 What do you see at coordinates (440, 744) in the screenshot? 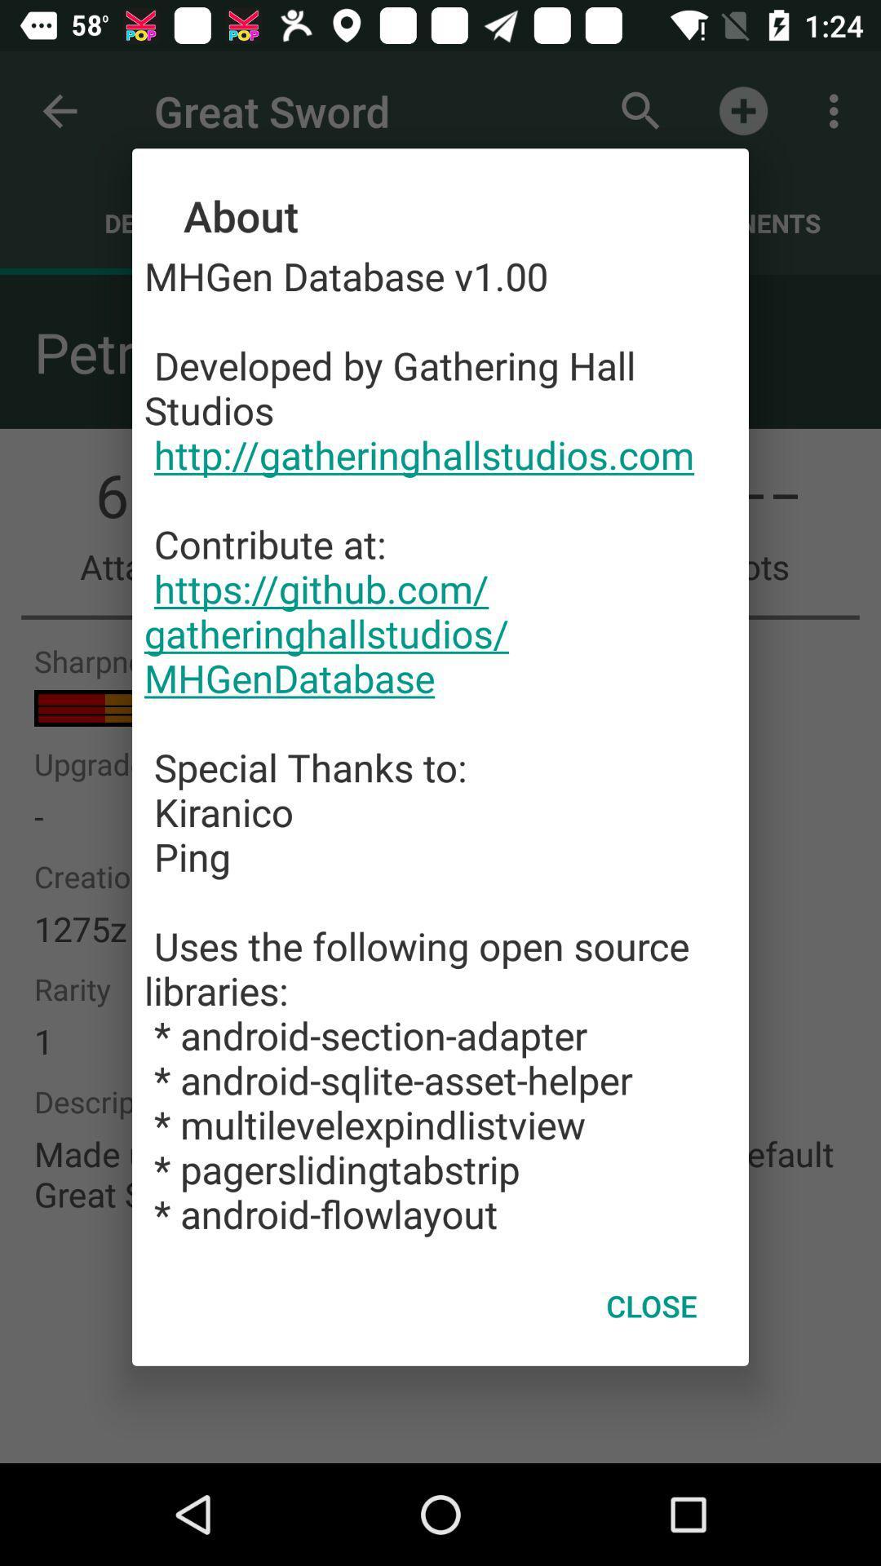
I see `mhgen database v1` at bounding box center [440, 744].